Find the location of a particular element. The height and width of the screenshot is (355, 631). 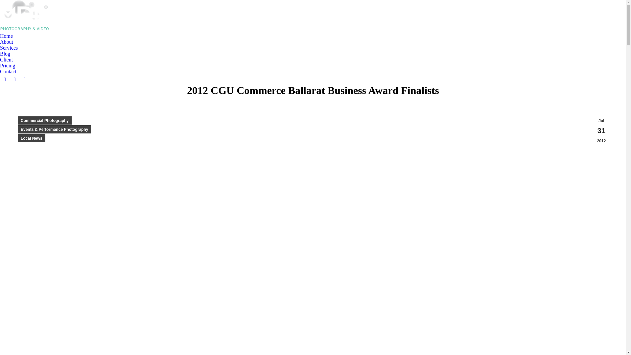

'Home' is located at coordinates (6, 36).